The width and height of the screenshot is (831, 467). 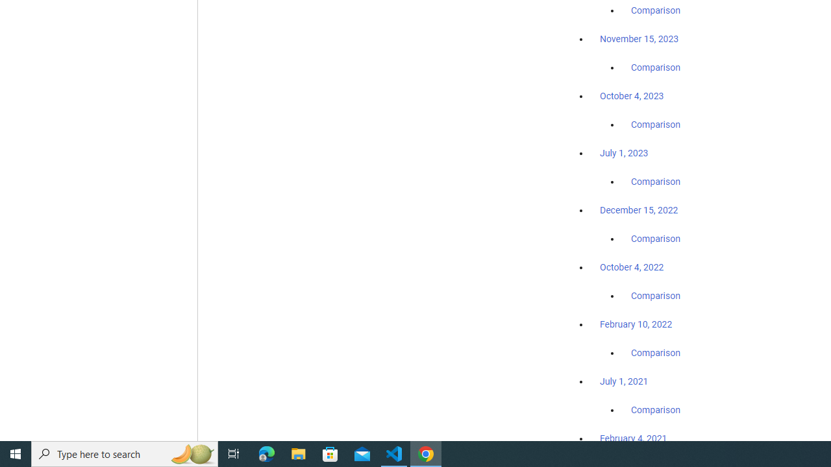 I want to click on 'Visual Studio Code - 1 running window', so click(x=393, y=453).